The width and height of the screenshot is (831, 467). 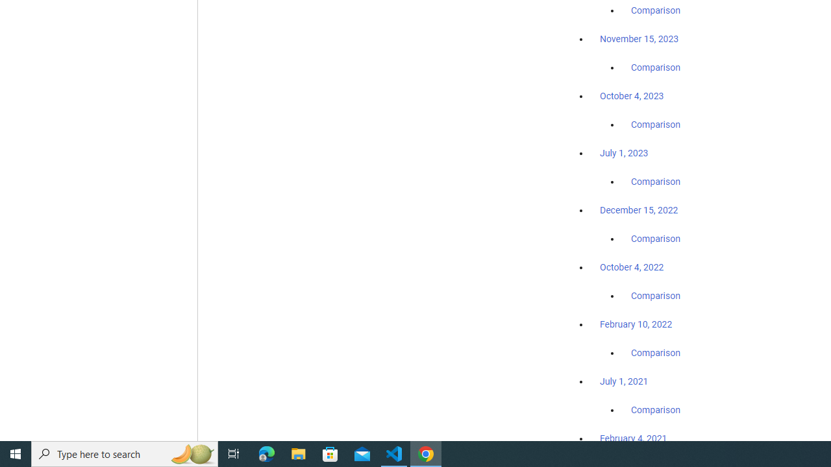 I want to click on 'Visual Studio Code - 1 running window', so click(x=393, y=453).